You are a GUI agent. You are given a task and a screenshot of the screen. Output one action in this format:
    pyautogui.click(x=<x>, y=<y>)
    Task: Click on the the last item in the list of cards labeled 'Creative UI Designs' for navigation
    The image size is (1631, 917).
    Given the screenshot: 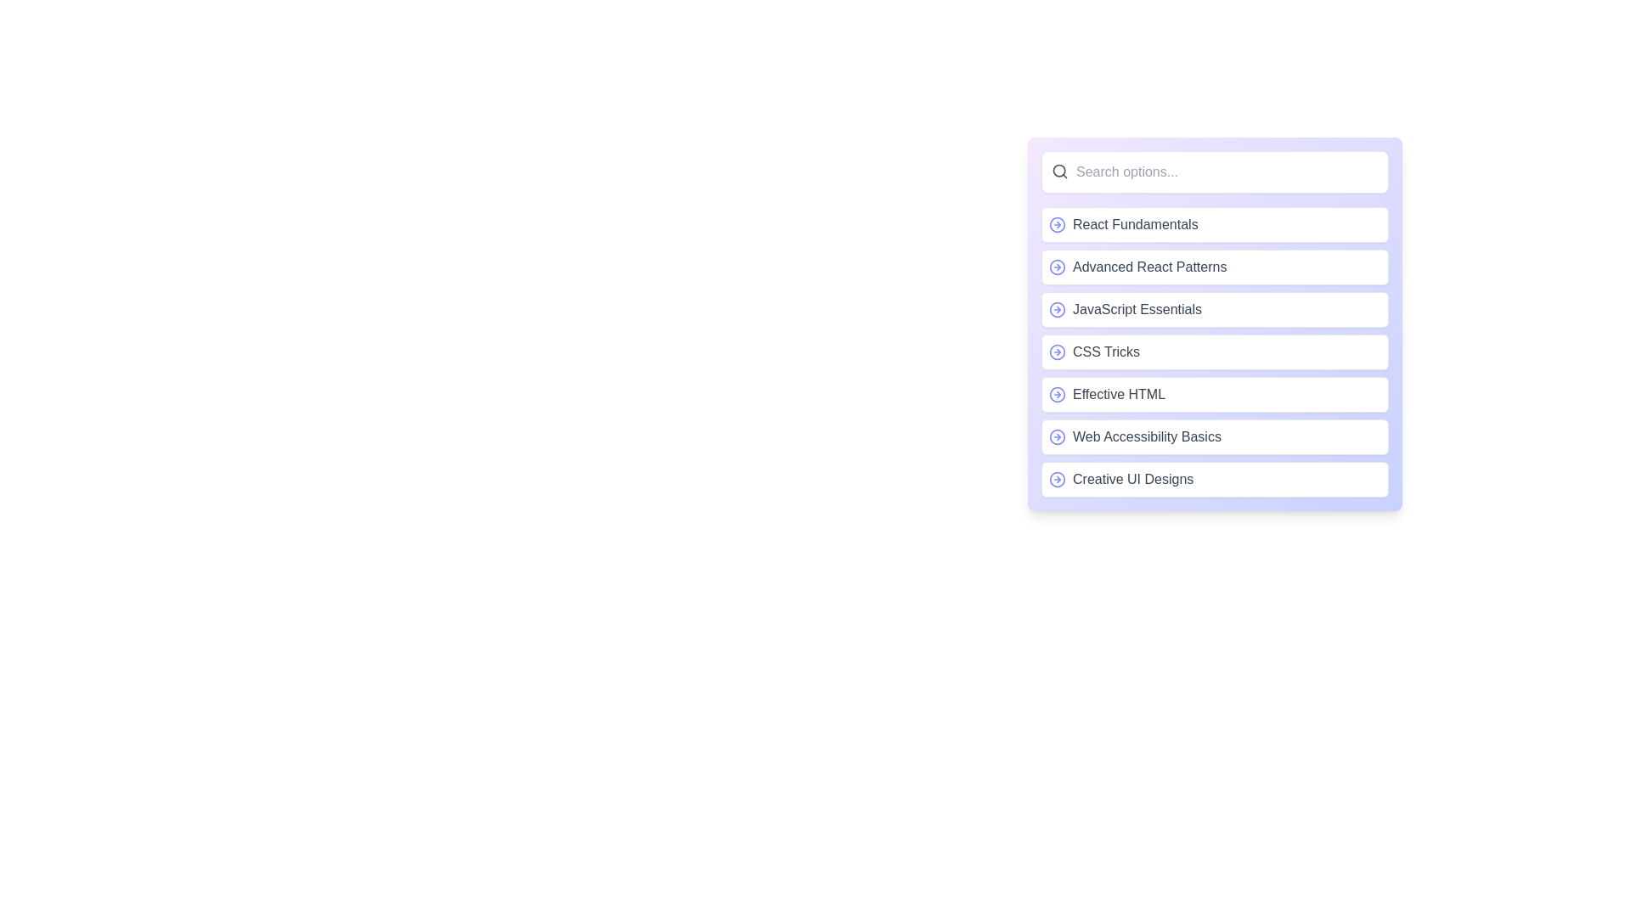 What is the action you would take?
    pyautogui.click(x=1214, y=479)
    